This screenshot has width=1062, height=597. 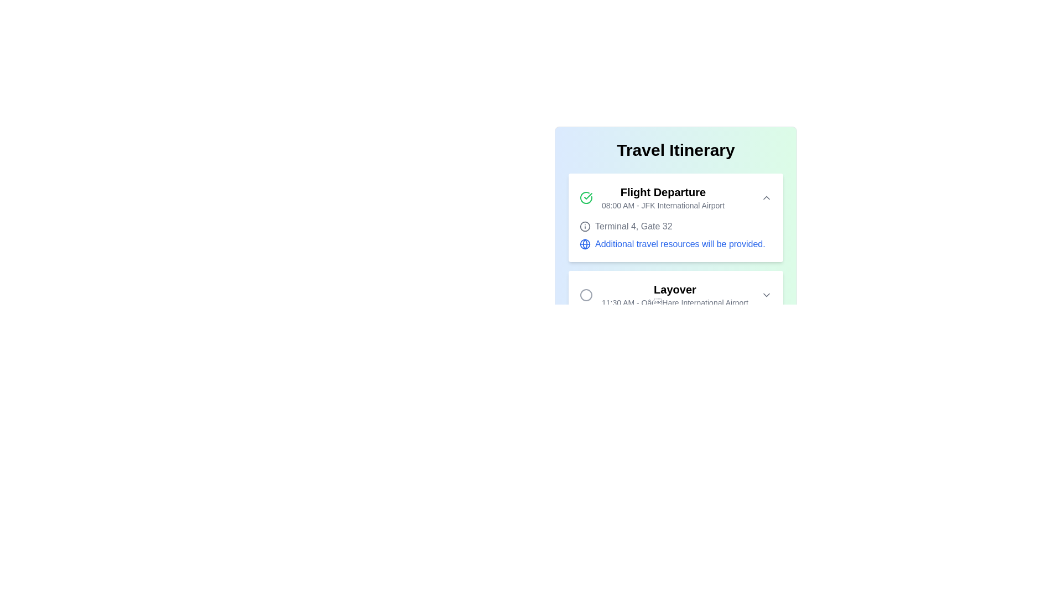 I want to click on the second card in the travel itinerary that details the layover event, which is located between the 'Flight Departure' and 'Connecting Flight' cards, so click(x=675, y=294).